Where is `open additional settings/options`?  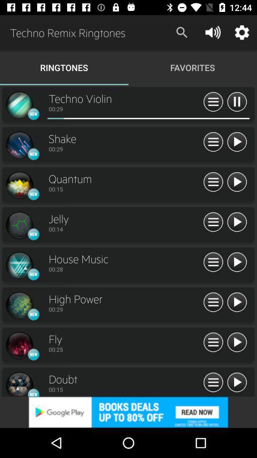 open additional settings/options is located at coordinates (213, 102).